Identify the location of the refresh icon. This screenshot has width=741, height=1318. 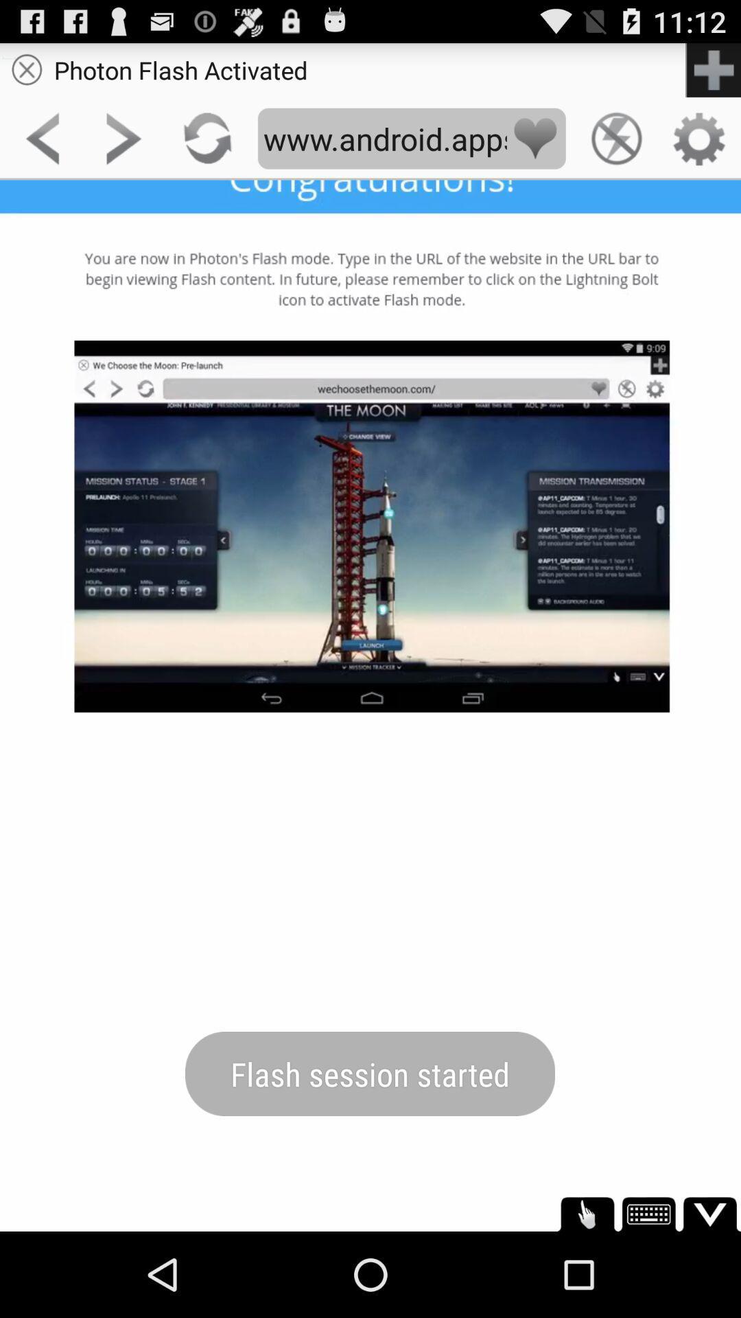
(207, 148).